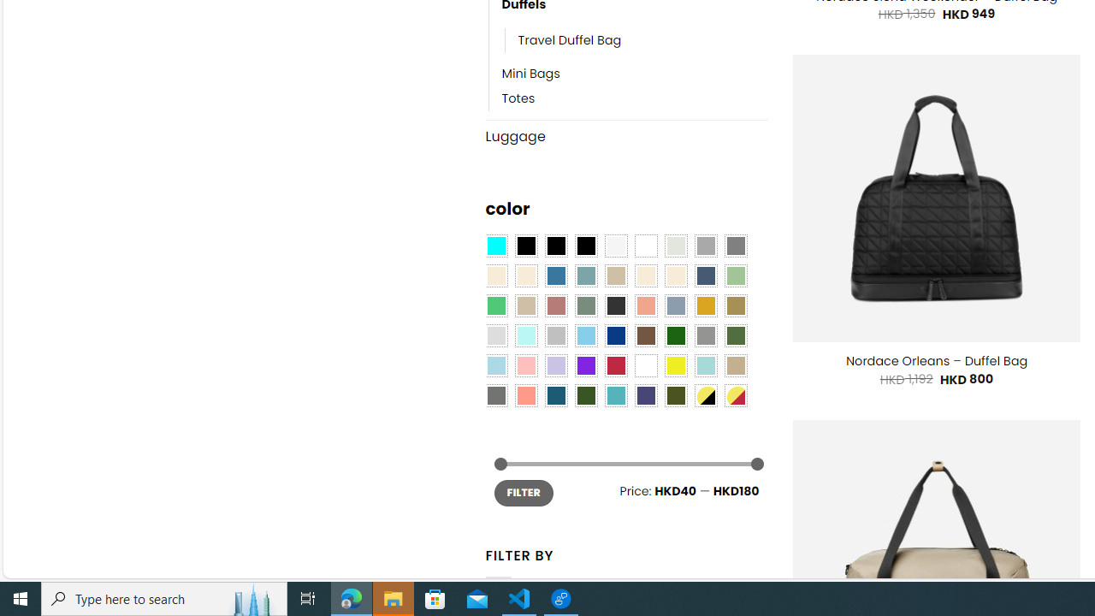 This screenshot has width=1095, height=616. What do you see at coordinates (736, 336) in the screenshot?
I see `'Green'` at bounding box center [736, 336].